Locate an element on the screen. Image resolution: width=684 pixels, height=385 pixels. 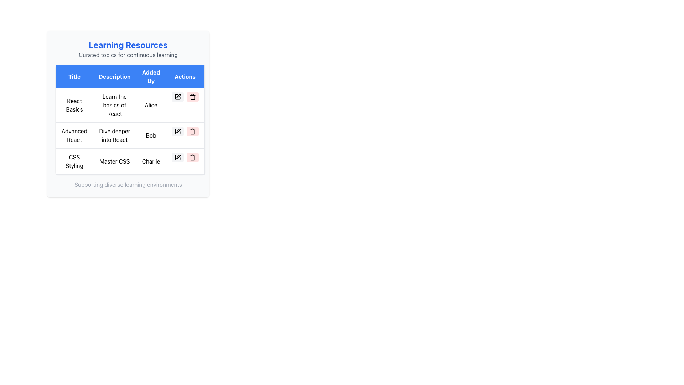
the Text Label with a blue background and white text that reads 'Title', located in the top-left corner of a four-column header row within a table-like structure is located at coordinates (74, 76).